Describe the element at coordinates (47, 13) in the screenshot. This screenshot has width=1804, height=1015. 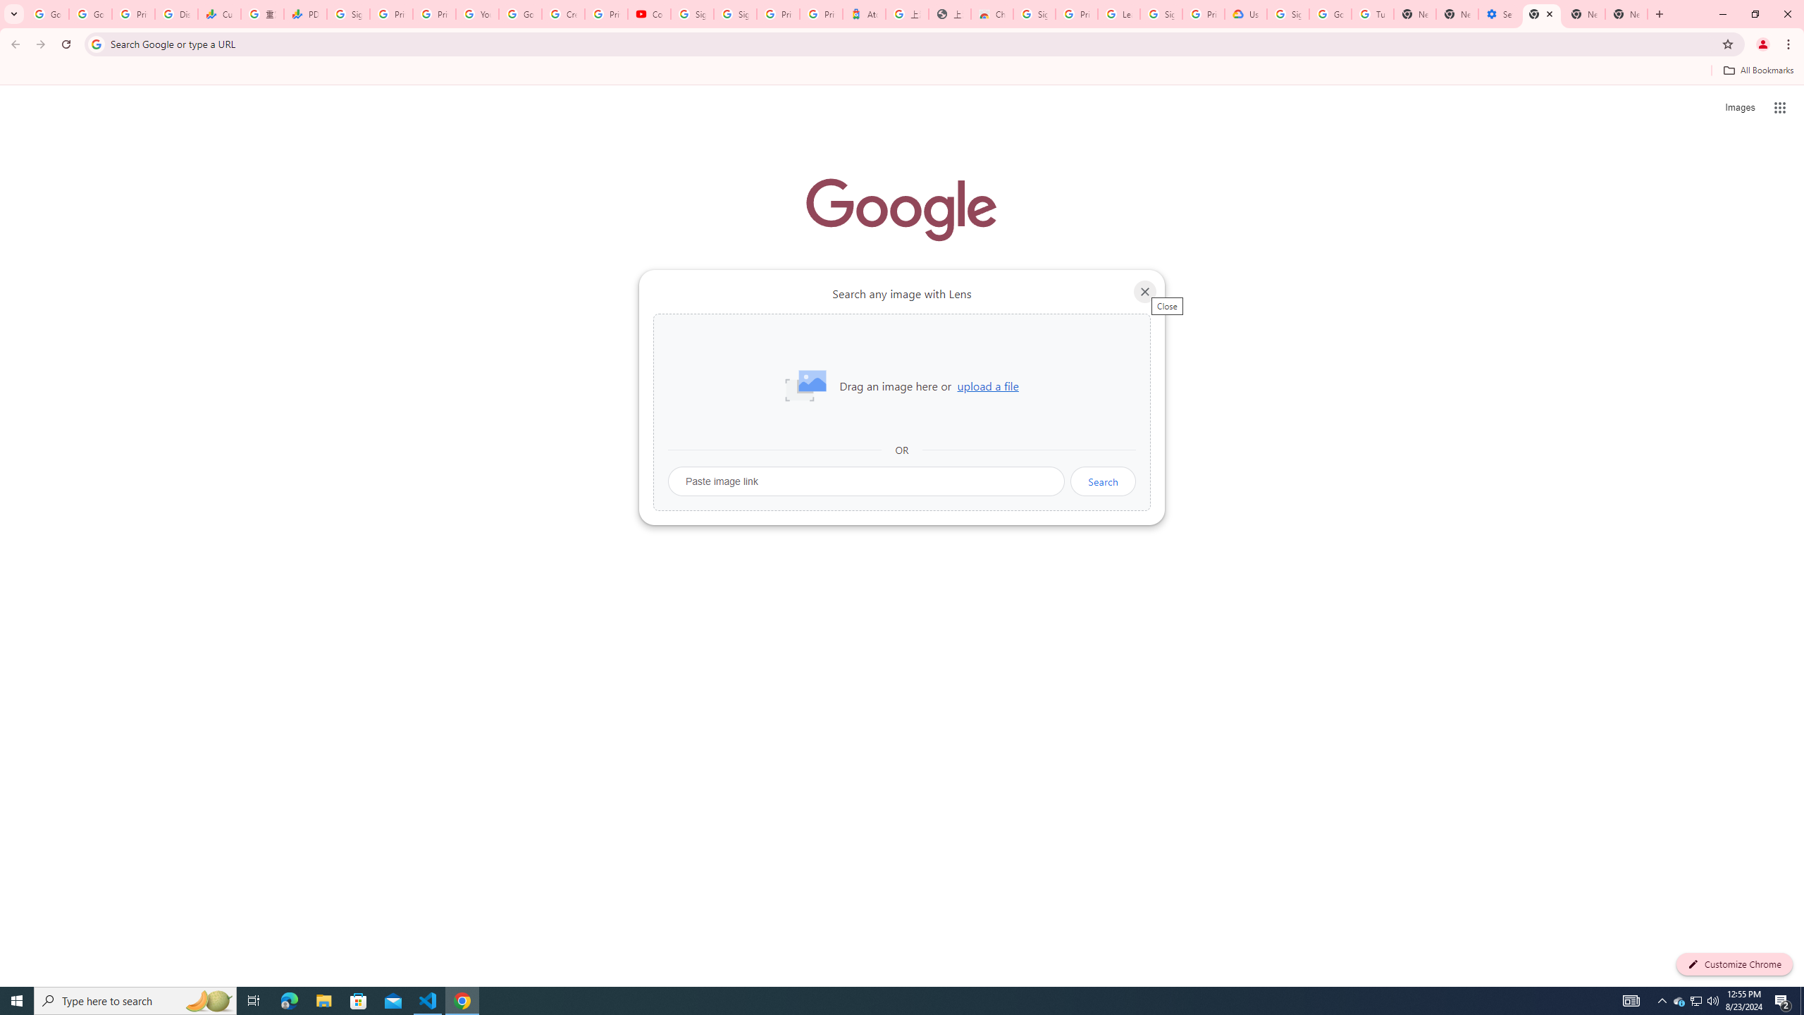
I see `'Google Workspace Admin Community'` at that location.